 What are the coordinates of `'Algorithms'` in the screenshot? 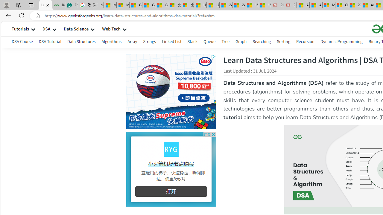 It's located at (112, 41).